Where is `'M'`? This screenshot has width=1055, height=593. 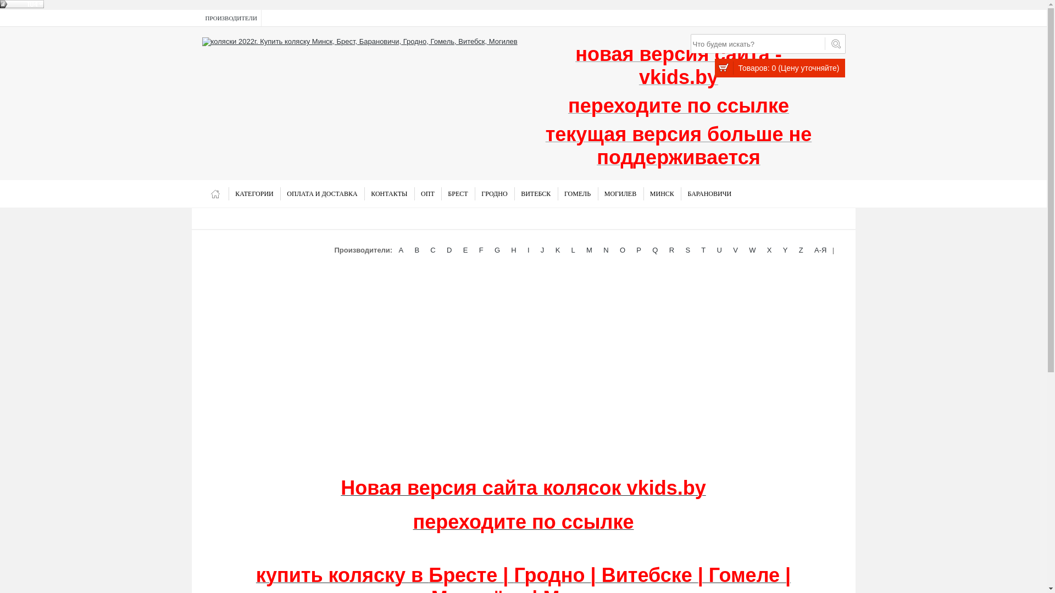 'M' is located at coordinates (582, 250).